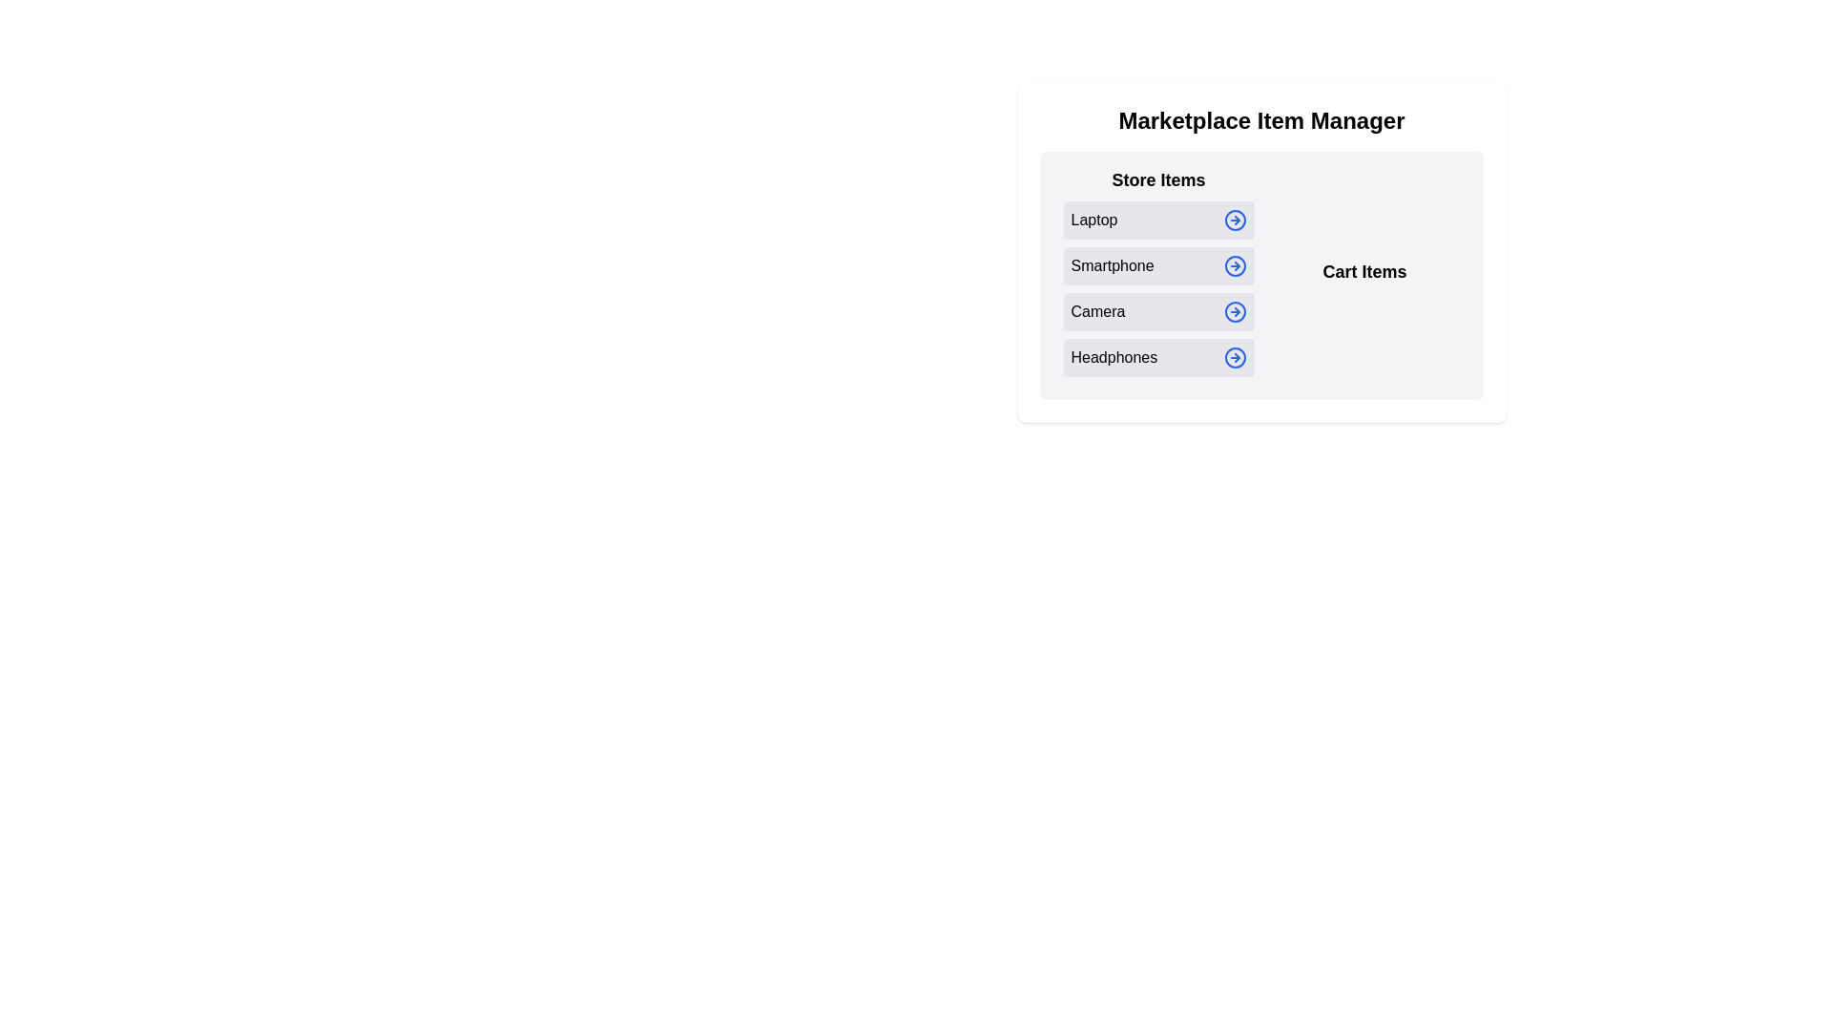 This screenshot has width=1832, height=1031. What do you see at coordinates (1235, 311) in the screenshot?
I see `arrow icon next to the item labeled Camera to move it to the Cart Items section` at bounding box center [1235, 311].